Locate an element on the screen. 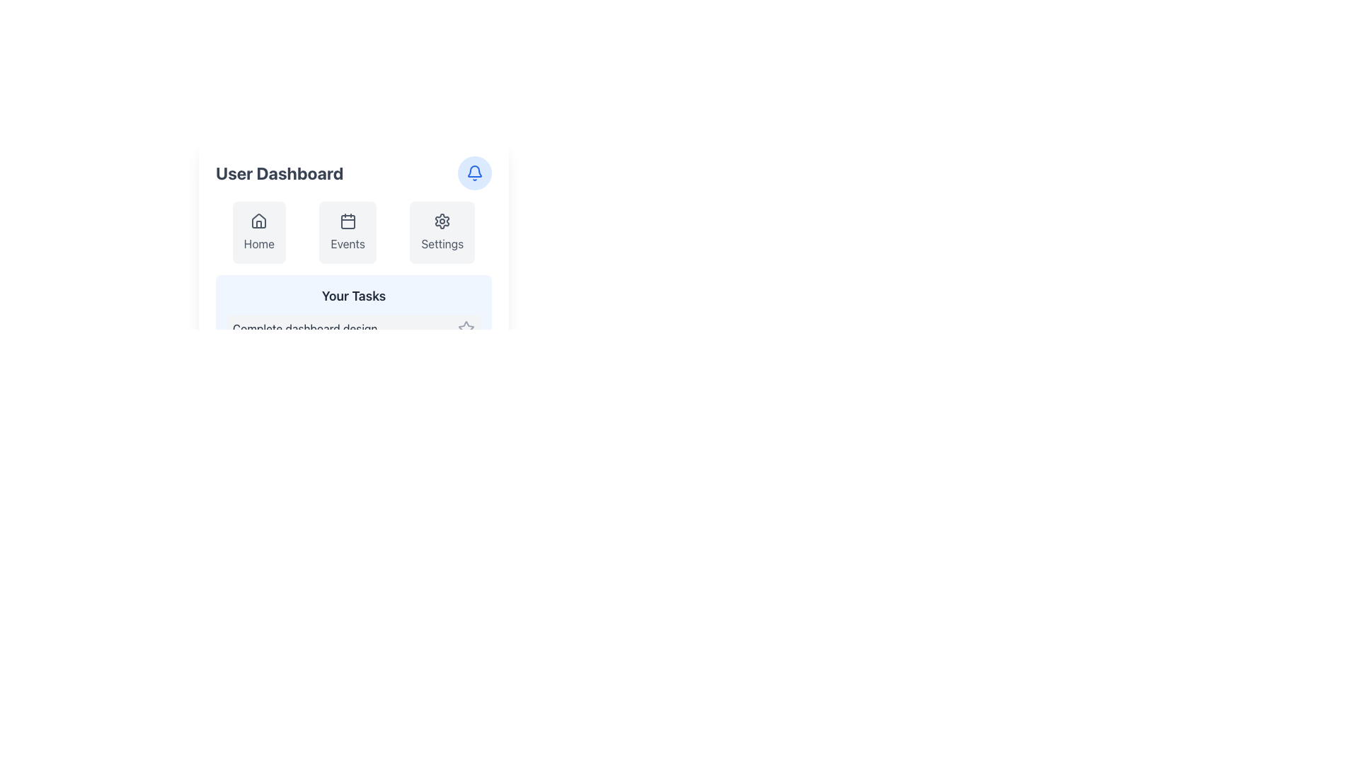  the gear icon button in the navigation menu is located at coordinates (442, 221).